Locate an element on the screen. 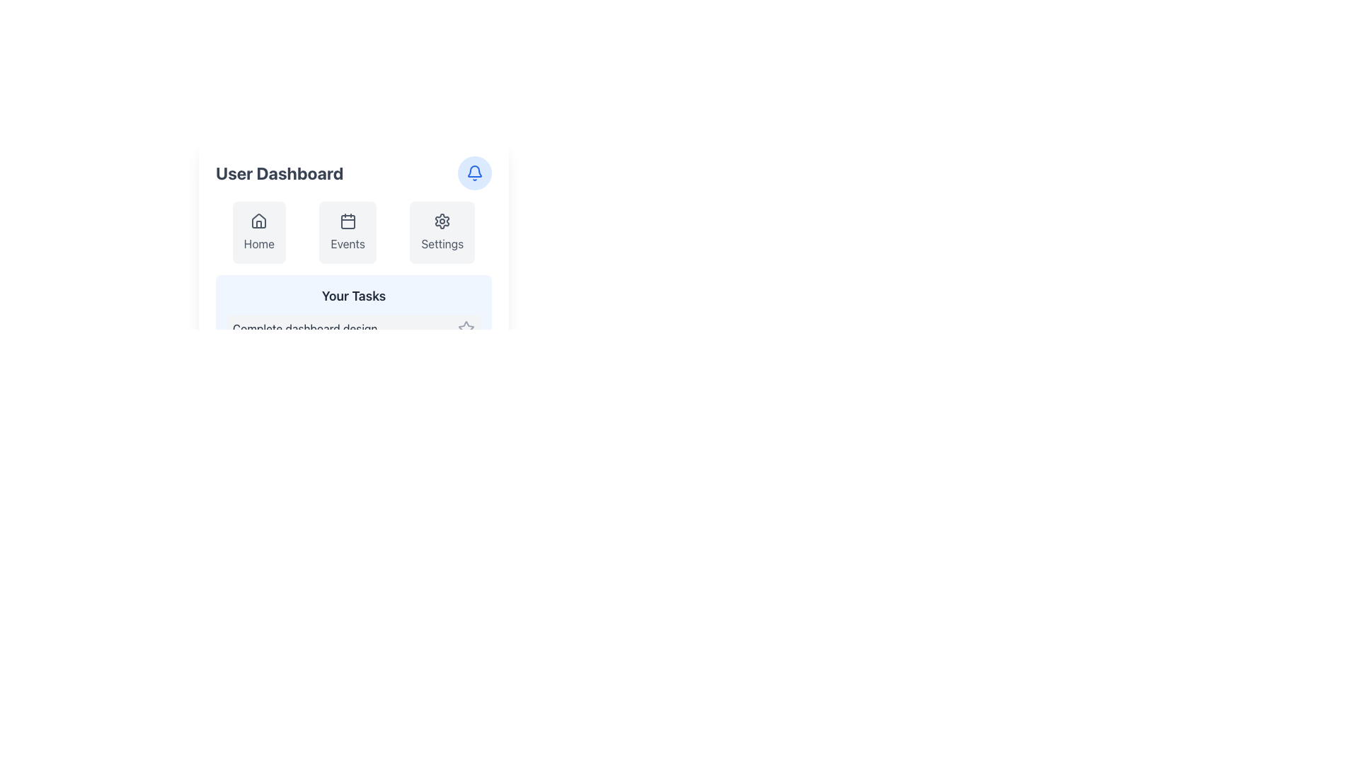  the gear icon button in the navigation menu is located at coordinates (442, 221).